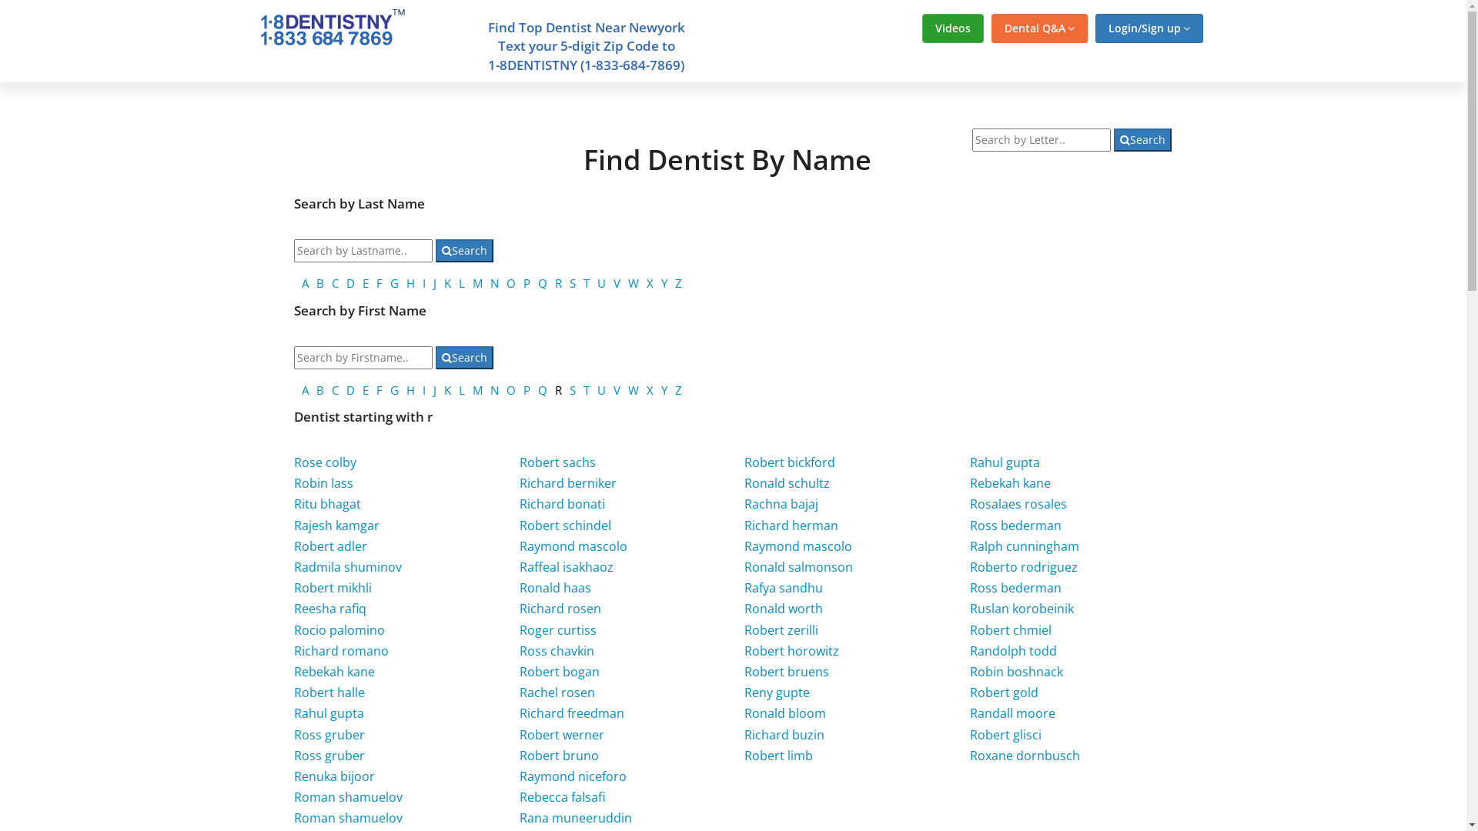  Describe the element at coordinates (1022, 607) in the screenshot. I see `'Ruslan korobeinik'` at that location.